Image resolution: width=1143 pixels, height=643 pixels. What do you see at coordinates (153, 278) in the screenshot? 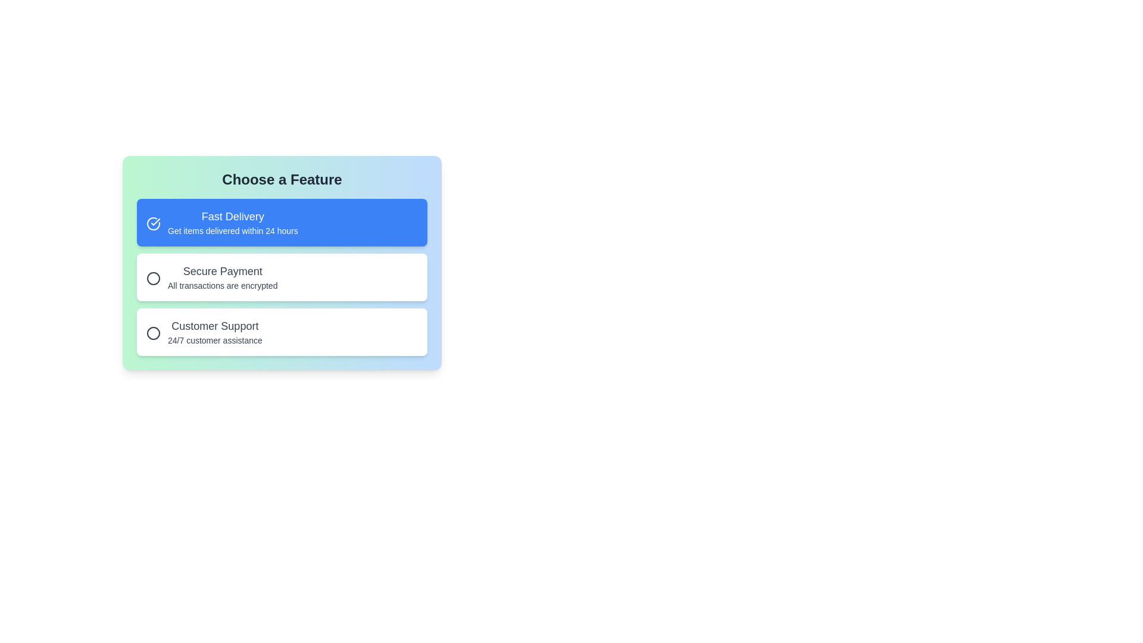
I see `the 'Secure Payment' icon located to the left of the 'Secure Payment' option in the vertical list within the 'Choose a Feature' card` at bounding box center [153, 278].